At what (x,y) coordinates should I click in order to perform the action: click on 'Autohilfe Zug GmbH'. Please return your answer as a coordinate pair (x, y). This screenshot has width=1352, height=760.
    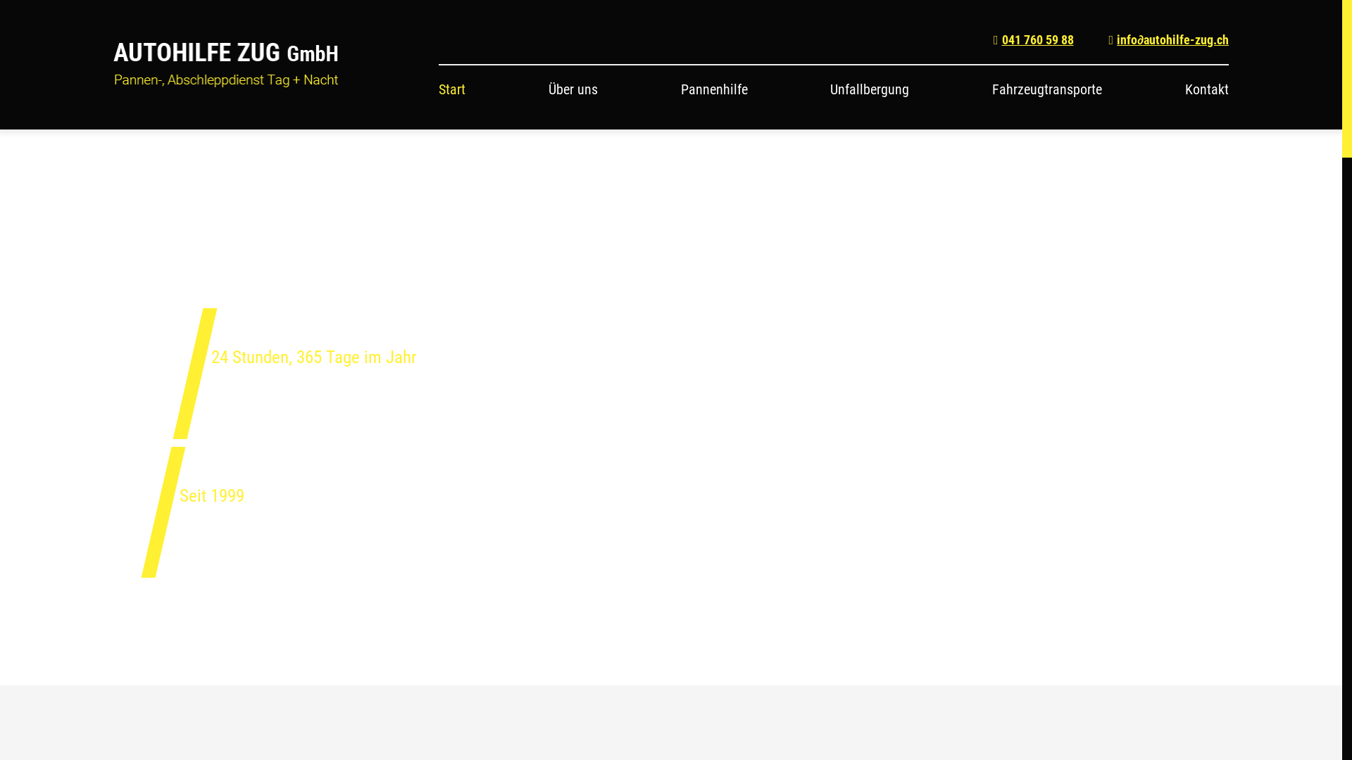
    Looking at the image, I should click on (226, 65).